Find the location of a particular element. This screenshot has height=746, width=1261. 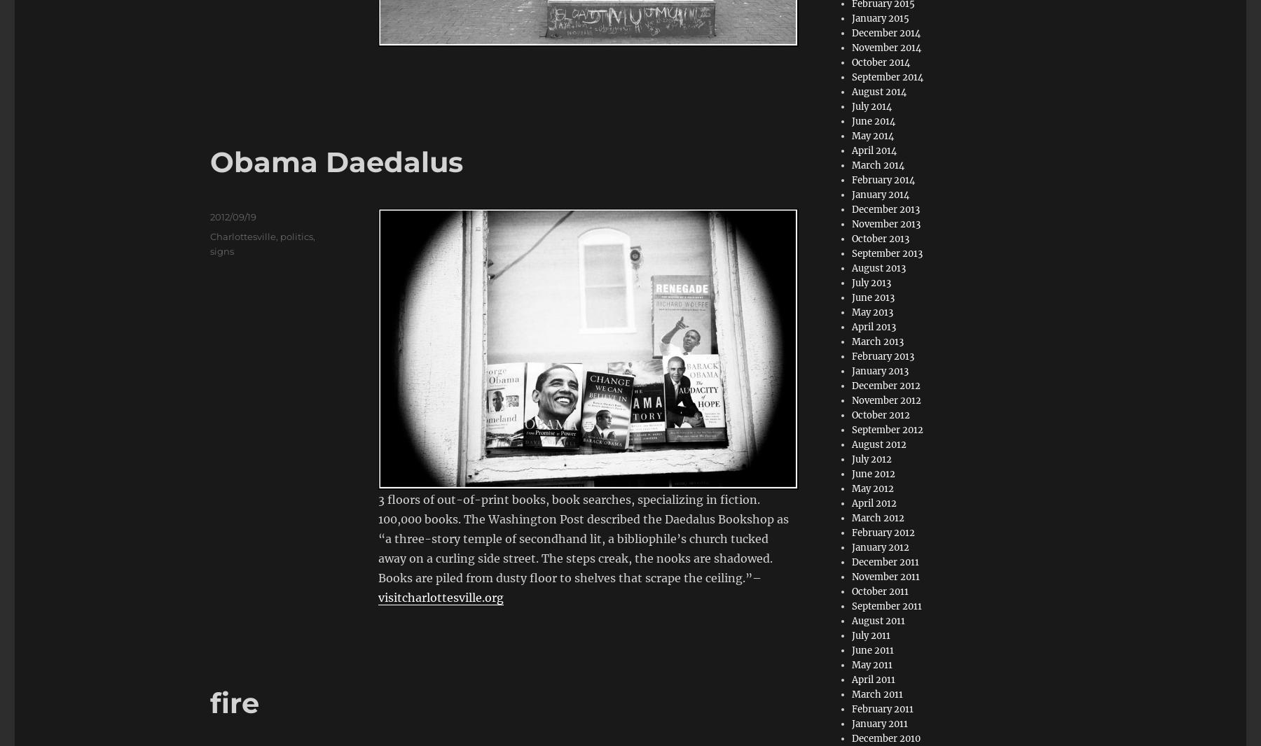

'Obama Daedalus' is located at coordinates (336, 160).